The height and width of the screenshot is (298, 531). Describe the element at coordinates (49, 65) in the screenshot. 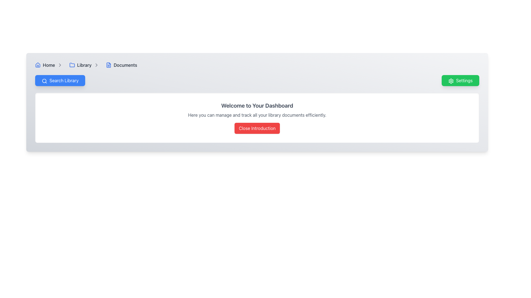

I see `the homepage navigation link in the breadcrumb navigation bar to change its color` at that location.